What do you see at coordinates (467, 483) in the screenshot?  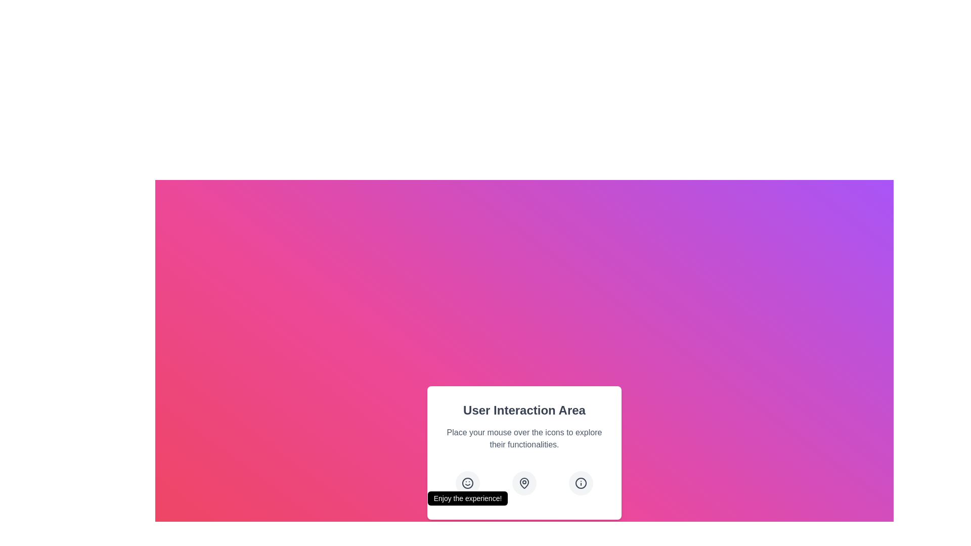 I see `the first circular button on the left in the 'User Interaction Area' that represents enjoyment, which is located above the tooltip 'Enjoy the experience!'` at bounding box center [467, 483].